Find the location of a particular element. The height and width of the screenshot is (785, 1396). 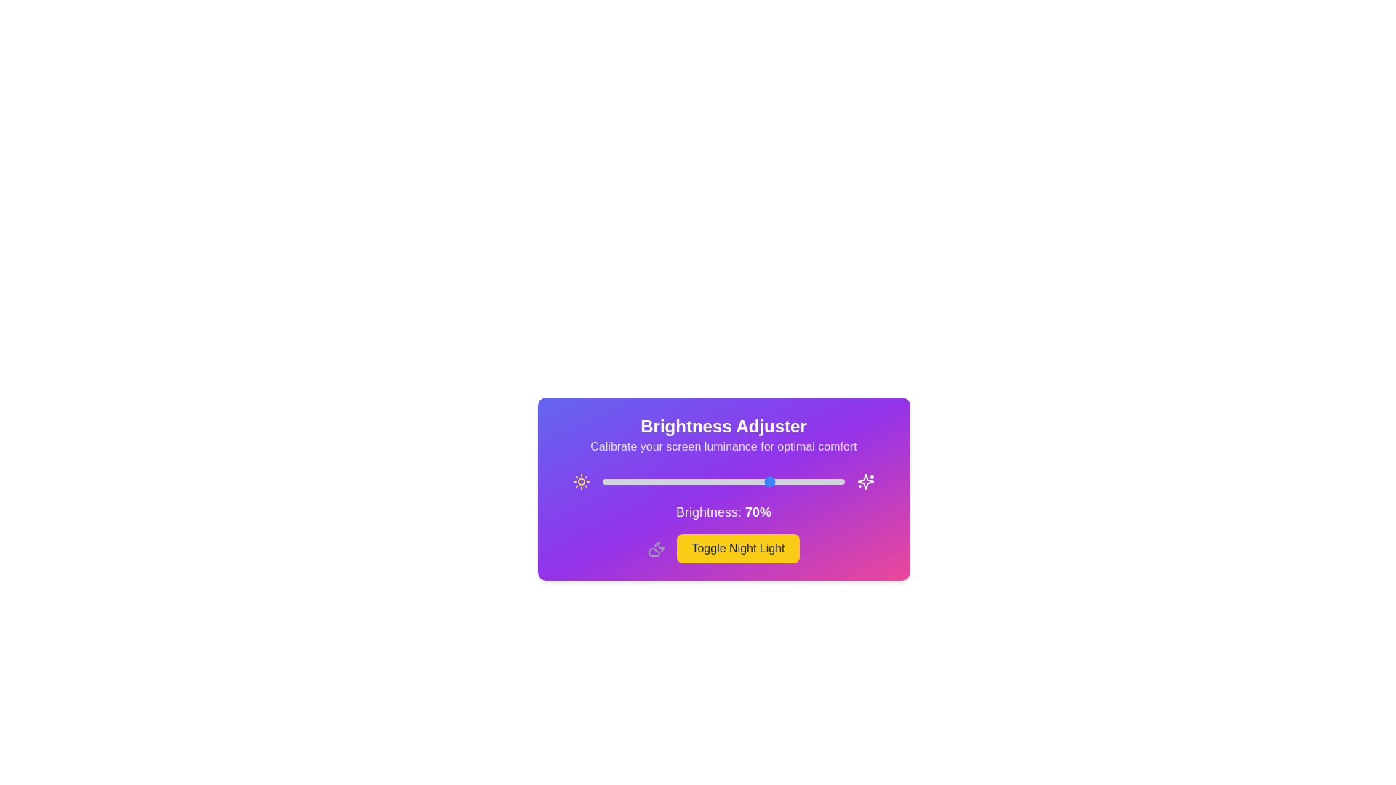

the 'Toggle Night Light' button to toggle the mode is located at coordinates (738, 549).